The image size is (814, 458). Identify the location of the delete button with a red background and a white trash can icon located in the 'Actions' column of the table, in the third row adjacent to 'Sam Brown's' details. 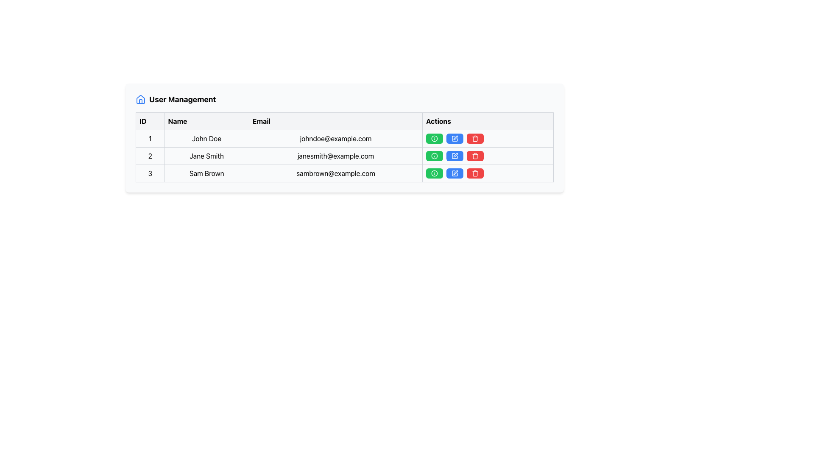
(475, 173).